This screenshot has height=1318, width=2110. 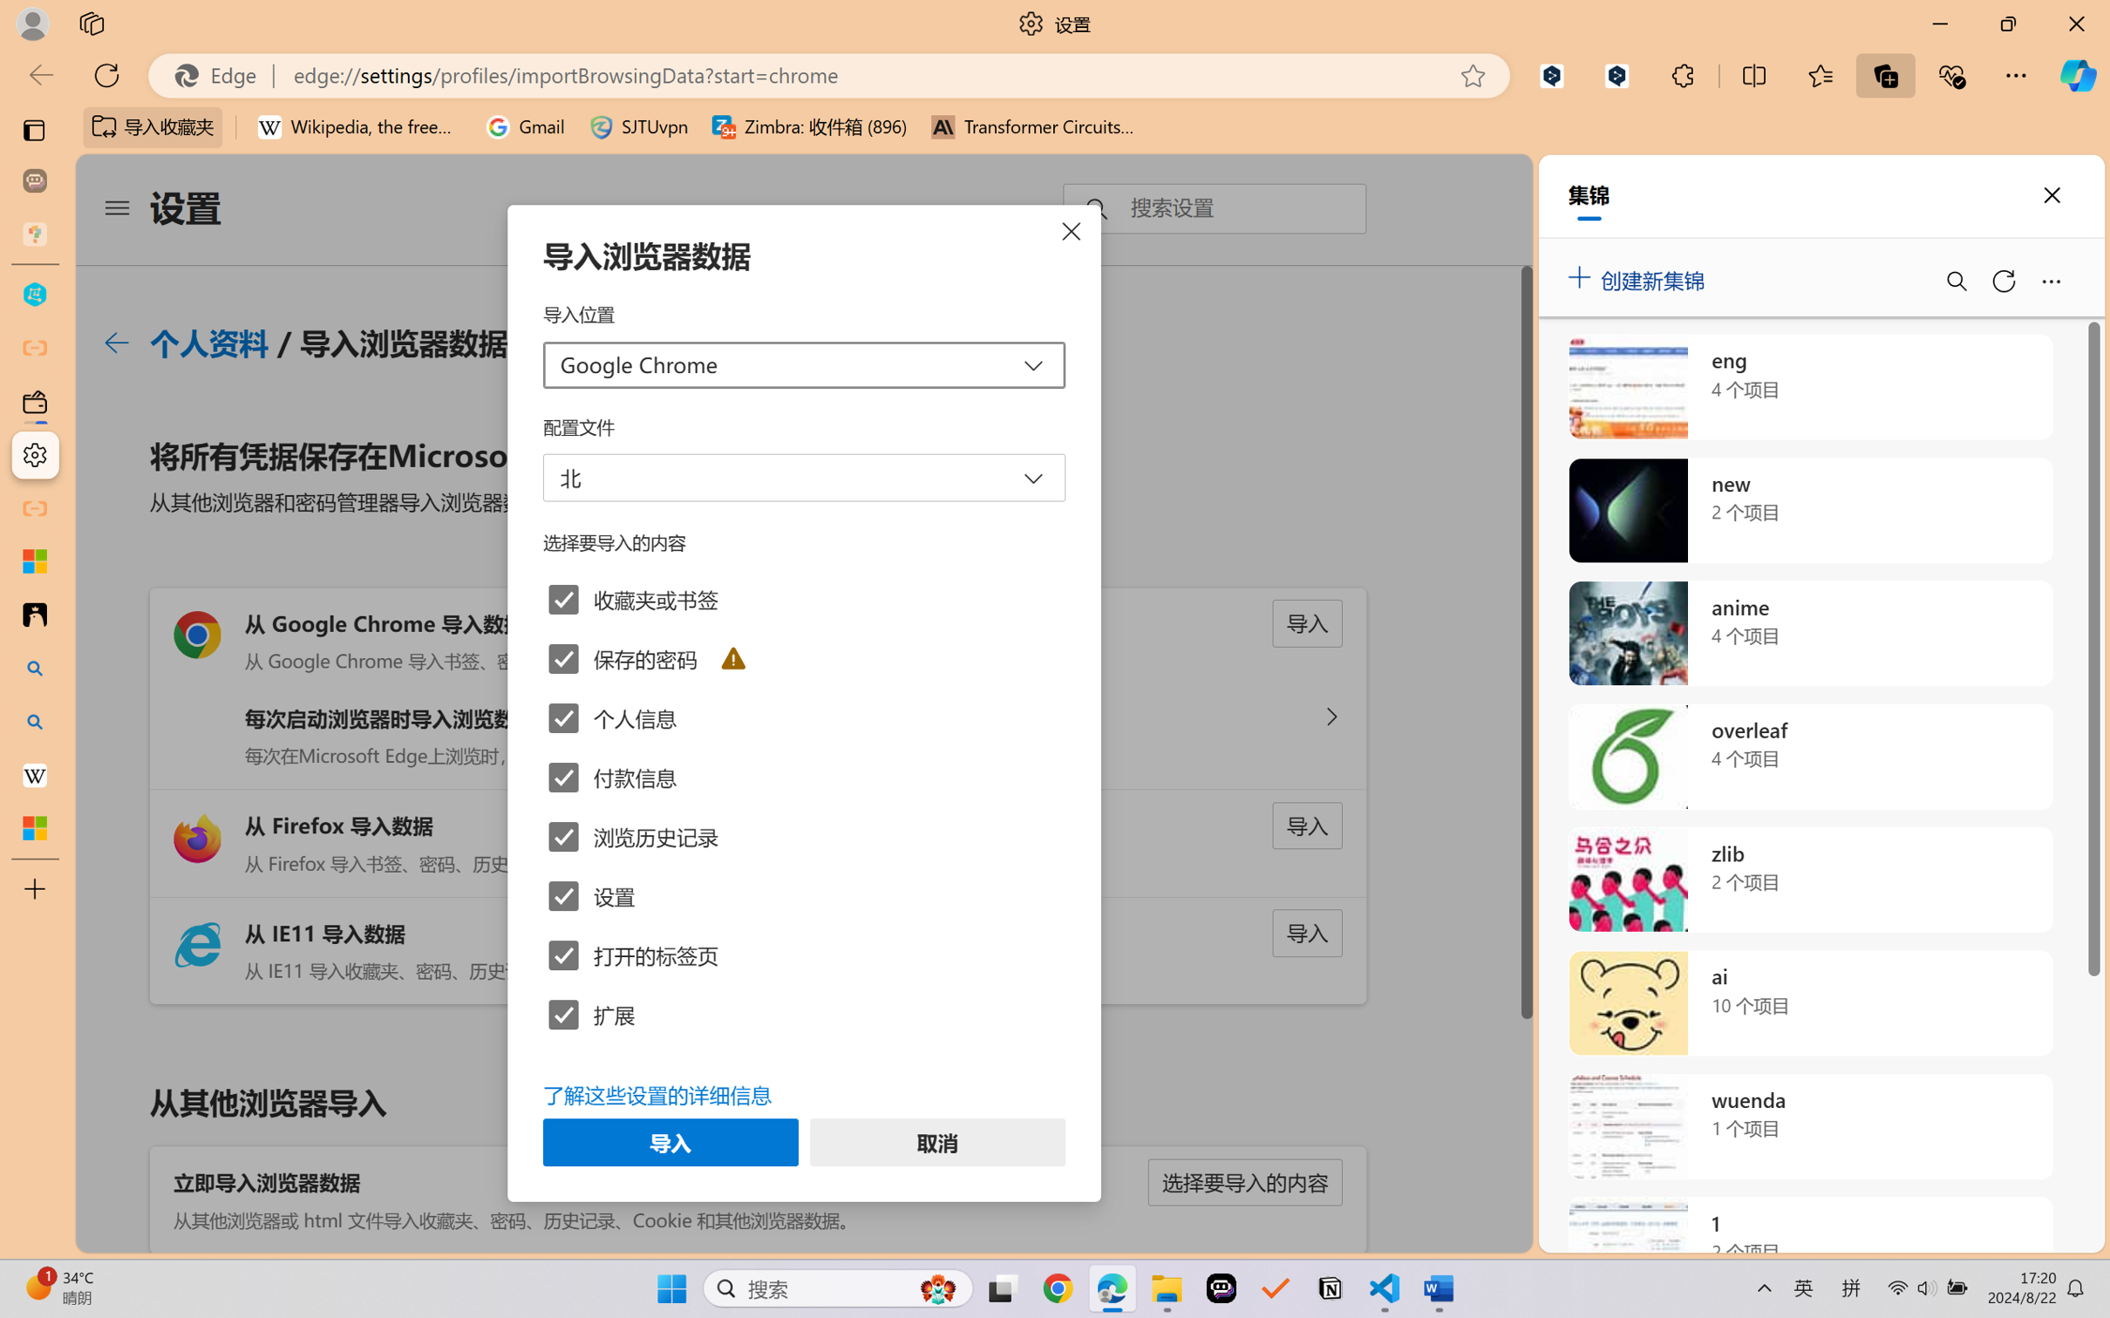 I want to click on 'Earth - Wikipedia', so click(x=34, y=773).